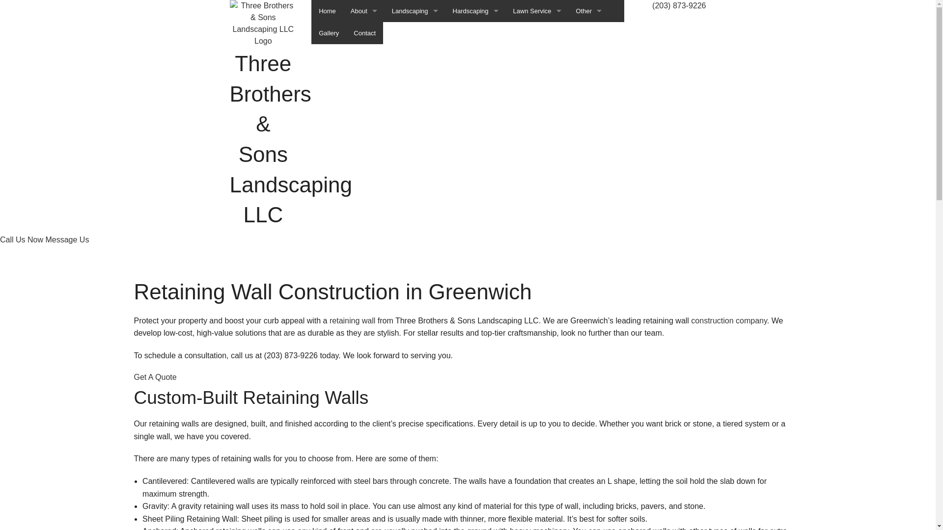 The image size is (943, 530). Describe the element at coordinates (415, 11) in the screenshot. I see `'Landscaping'` at that location.